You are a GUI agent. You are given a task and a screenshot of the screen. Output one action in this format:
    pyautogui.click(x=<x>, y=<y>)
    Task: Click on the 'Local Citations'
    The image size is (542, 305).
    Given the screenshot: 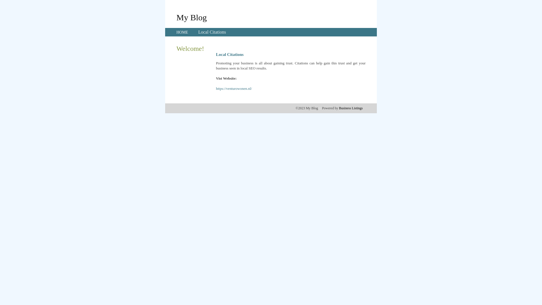 What is the action you would take?
    pyautogui.click(x=211, y=32)
    